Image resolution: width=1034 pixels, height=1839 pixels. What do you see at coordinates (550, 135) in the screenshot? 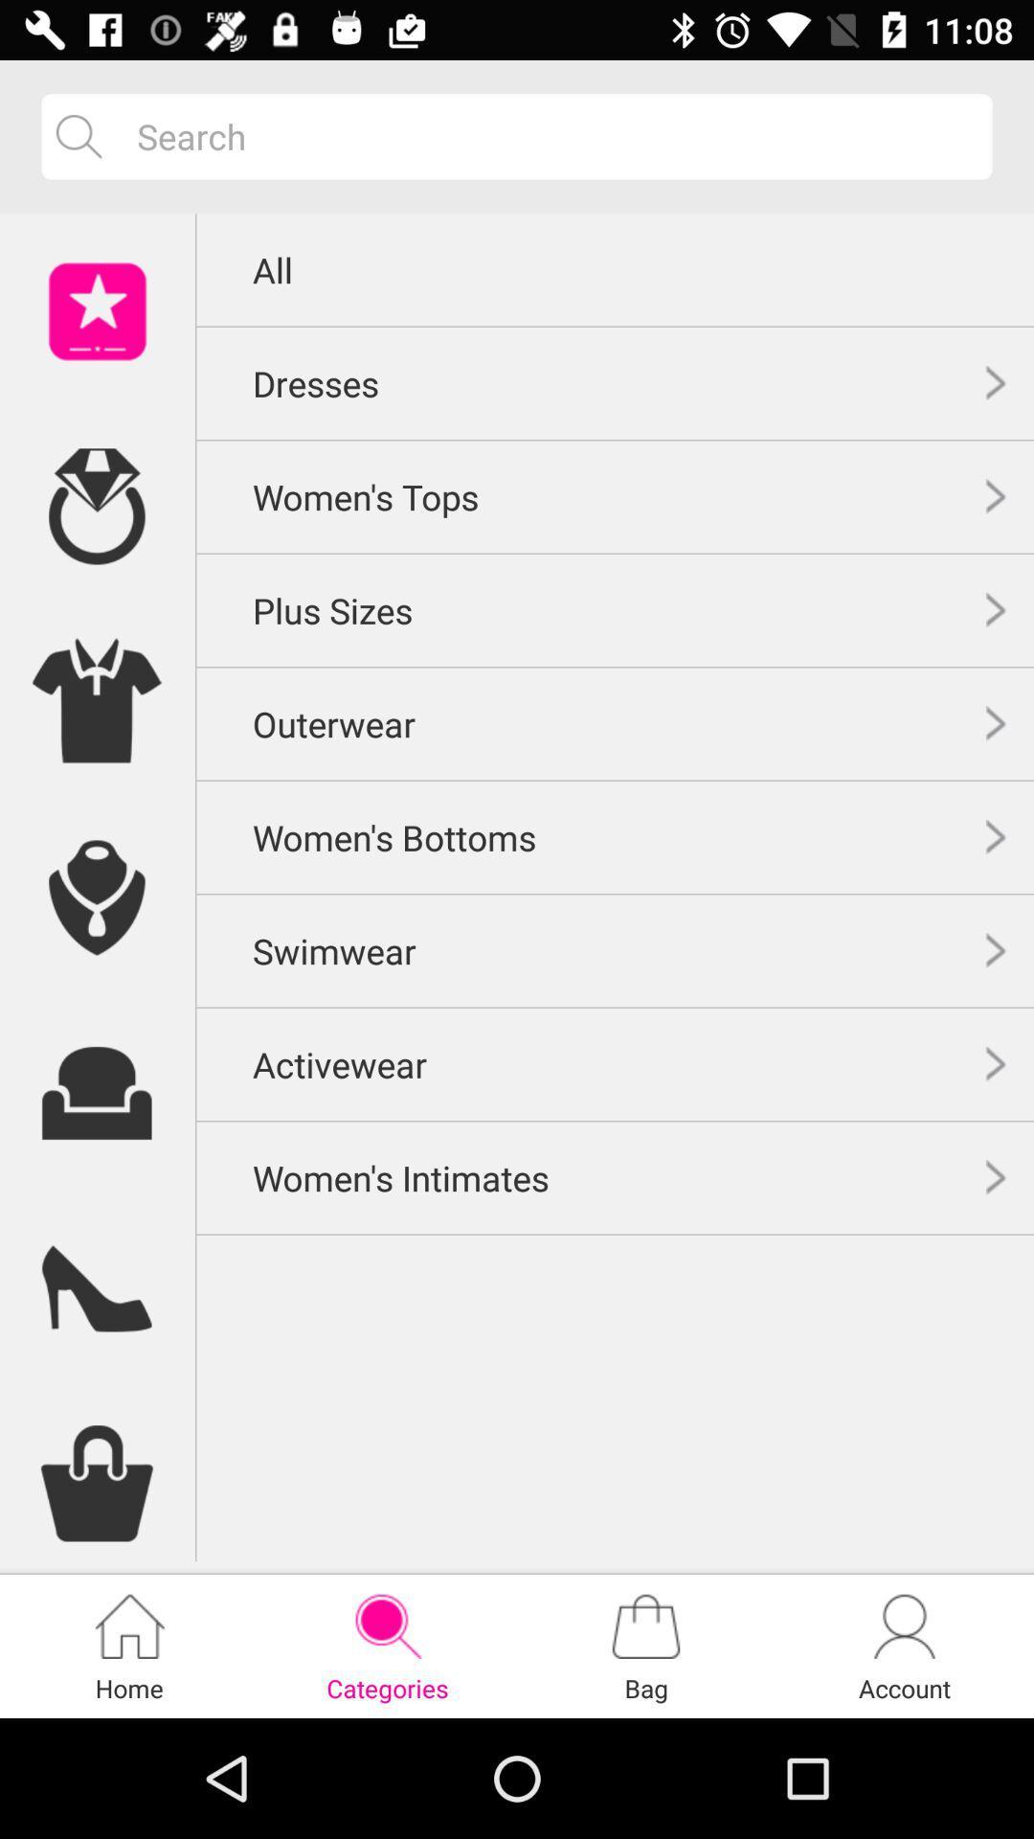
I see `search something` at bounding box center [550, 135].